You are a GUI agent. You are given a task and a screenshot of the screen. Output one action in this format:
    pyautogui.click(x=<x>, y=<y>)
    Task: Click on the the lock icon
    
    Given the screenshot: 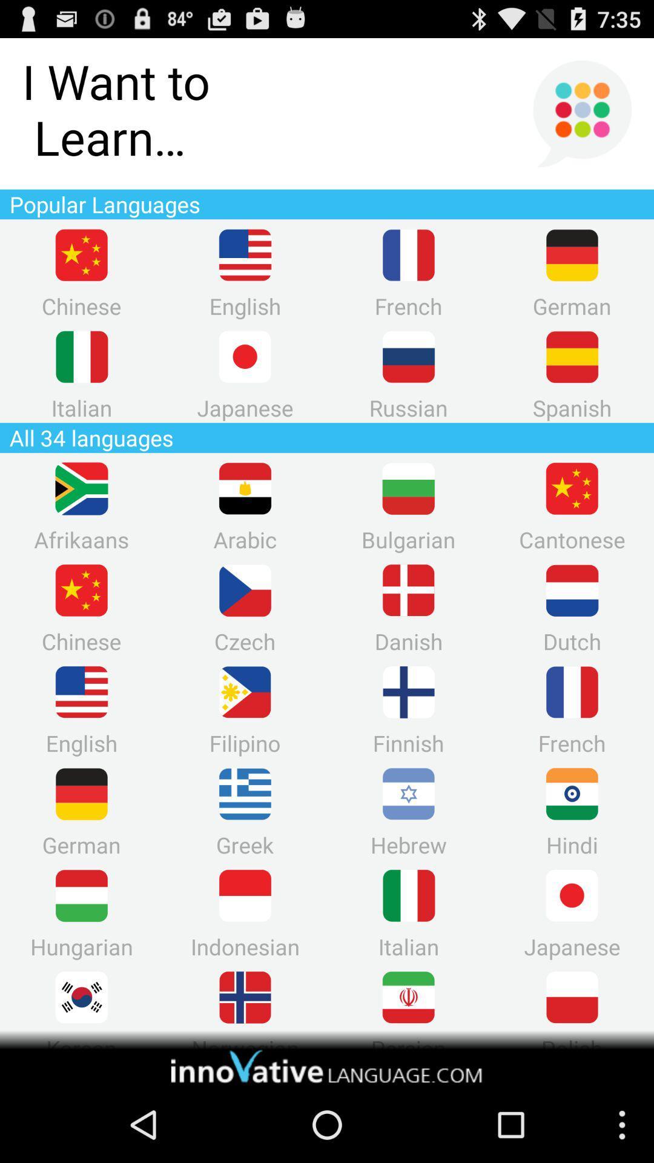 What is the action you would take?
    pyautogui.click(x=572, y=381)
    